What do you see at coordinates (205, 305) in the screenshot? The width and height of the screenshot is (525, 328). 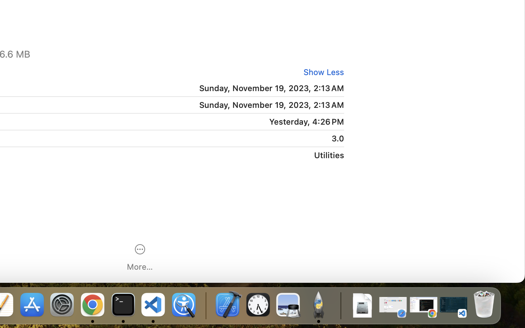 I see `'0.4285714328289032'` at bounding box center [205, 305].